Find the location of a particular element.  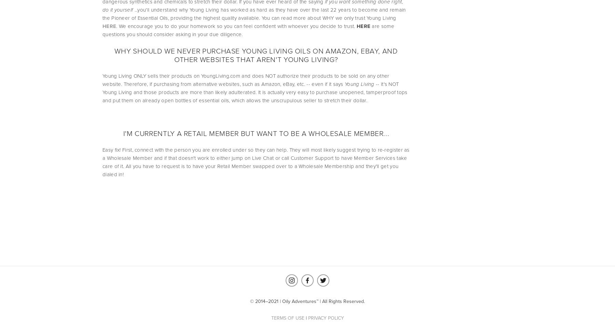

'Easy fix! First, connect with the person you are enrolled under so they can help. They will most likely suggest trying to re-register as a Wholesale Member and if that doesn't work to either jump on Live Chat or call Customer Support to have Member Services take care of it. All you have to request is to have your Retail Member swapped over to a Wholesale Membership and they'll get you dialed in!' is located at coordinates (256, 162).